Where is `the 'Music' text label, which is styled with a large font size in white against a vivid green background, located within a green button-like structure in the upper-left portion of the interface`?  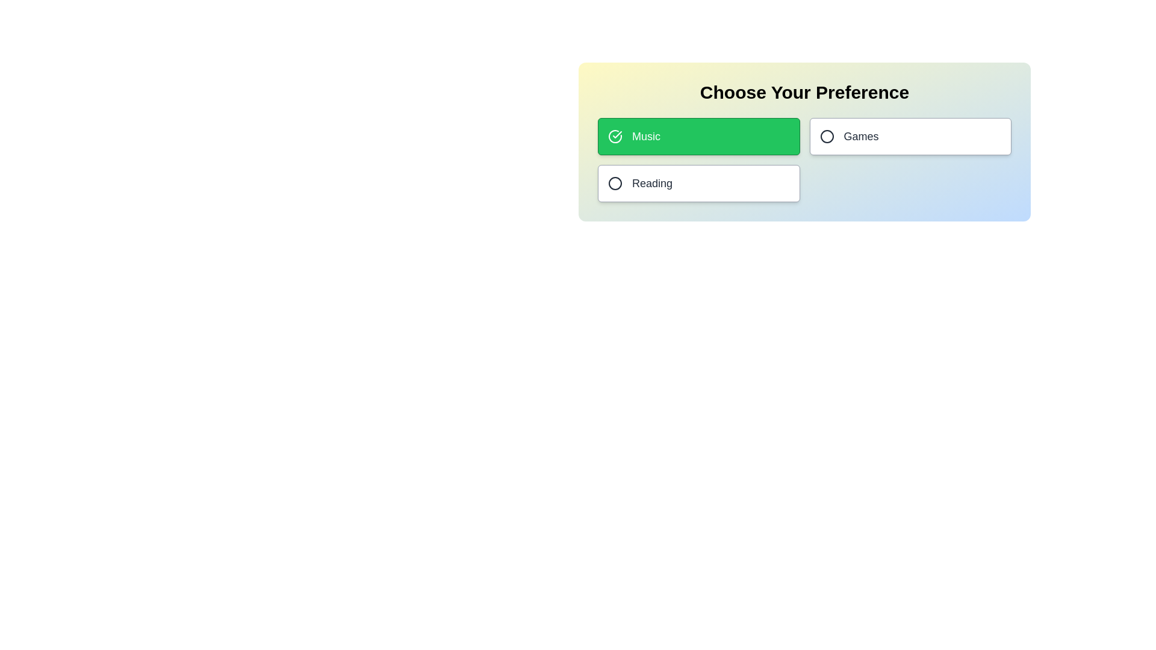
the 'Music' text label, which is styled with a large font size in white against a vivid green background, located within a green button-like structure in the upper-left portion of the interface is located at coordinates (645, 136).